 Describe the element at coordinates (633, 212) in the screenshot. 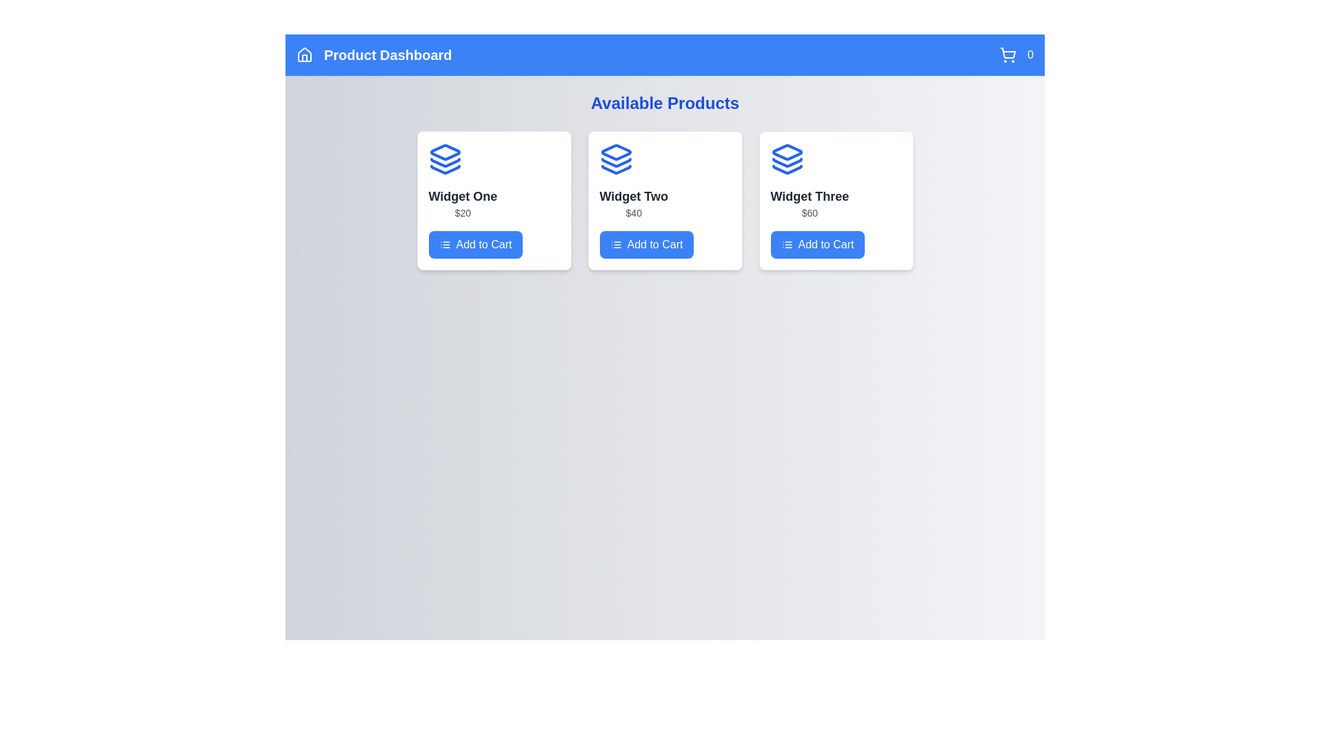

I see `price displayed on the static text label for the product 'Widget Two', which is located below the product title and above the 'Add to Cart' button` at that location.